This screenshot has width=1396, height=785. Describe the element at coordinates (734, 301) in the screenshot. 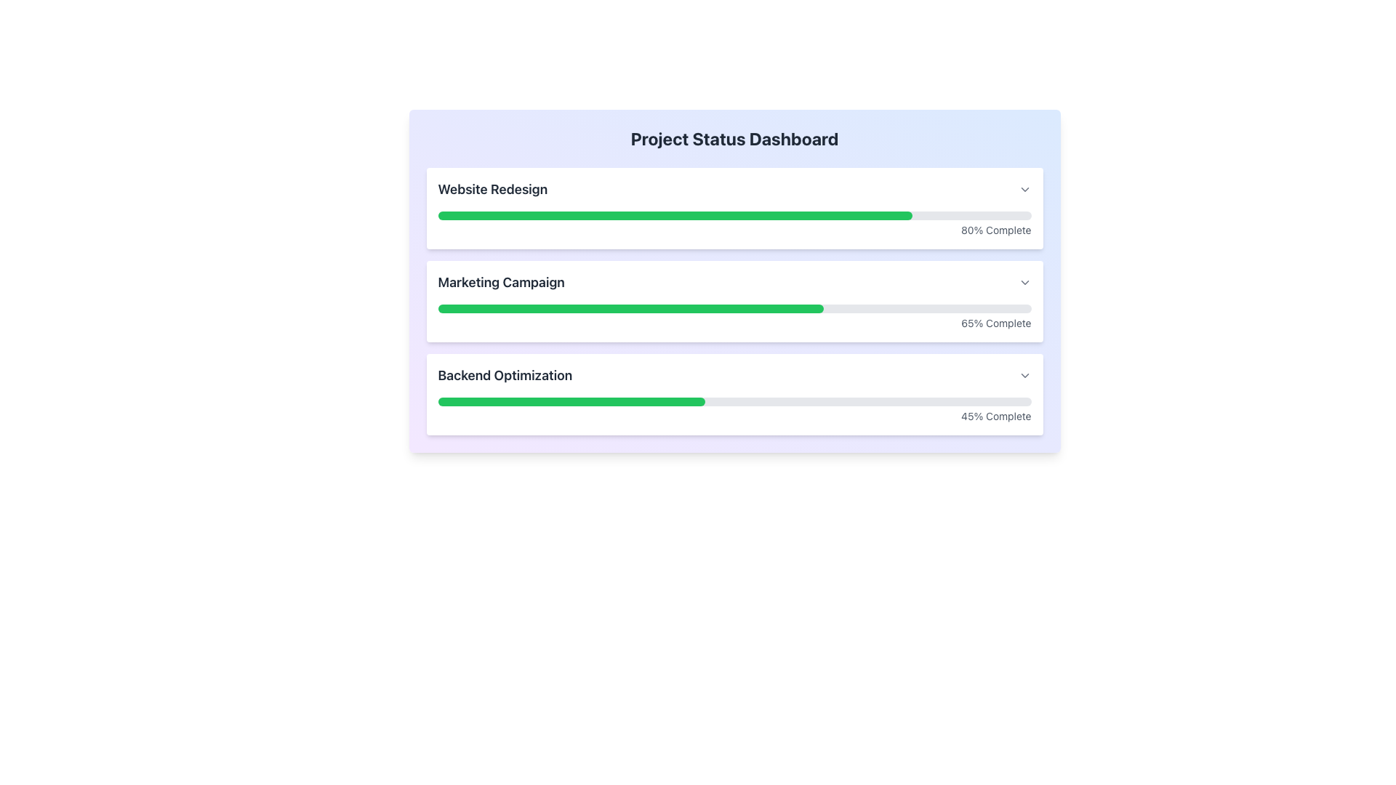

I see `progress details from the grouped component that visually represents the progress of three projects with labeled progress bars and percentage indicators` at that location.